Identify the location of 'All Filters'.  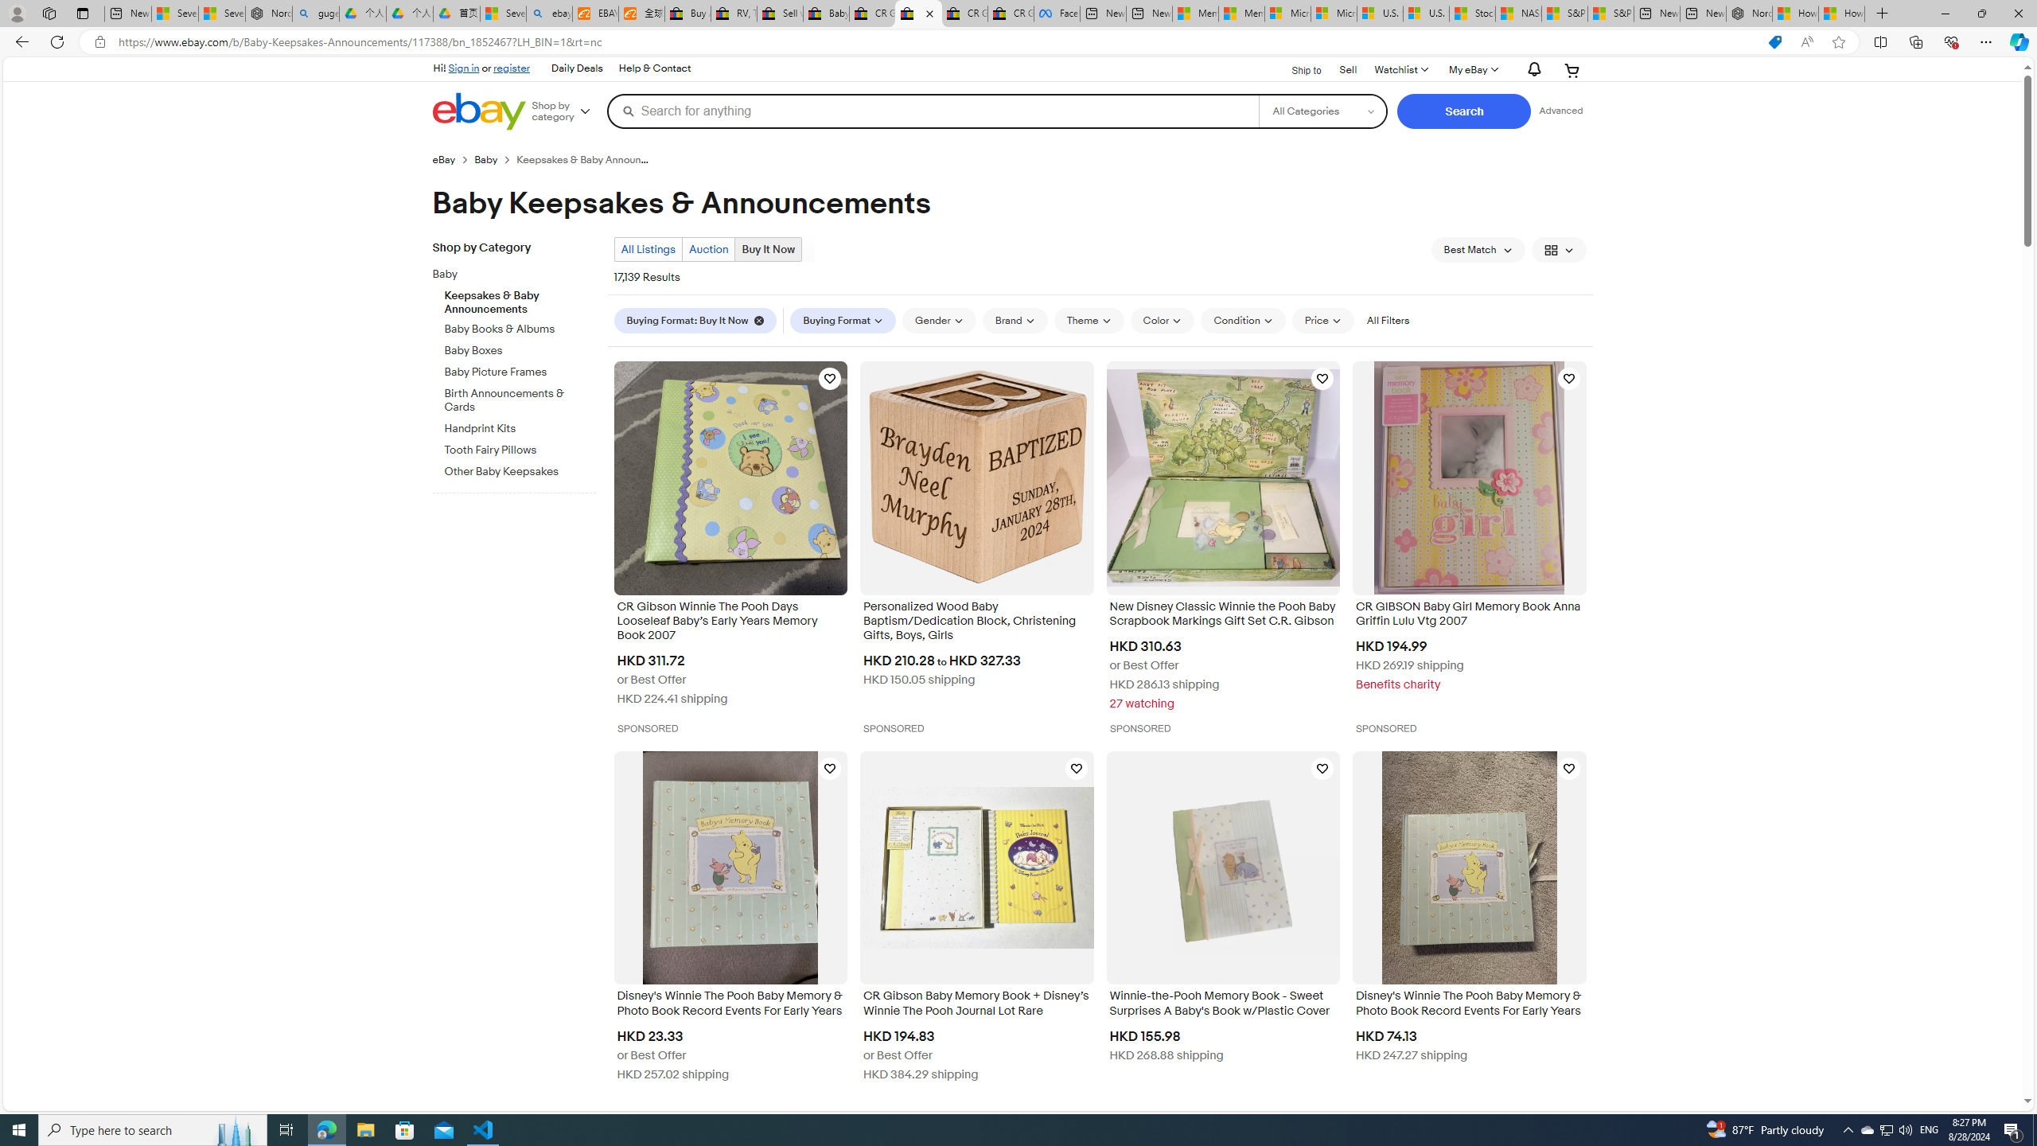
(1388, 320).